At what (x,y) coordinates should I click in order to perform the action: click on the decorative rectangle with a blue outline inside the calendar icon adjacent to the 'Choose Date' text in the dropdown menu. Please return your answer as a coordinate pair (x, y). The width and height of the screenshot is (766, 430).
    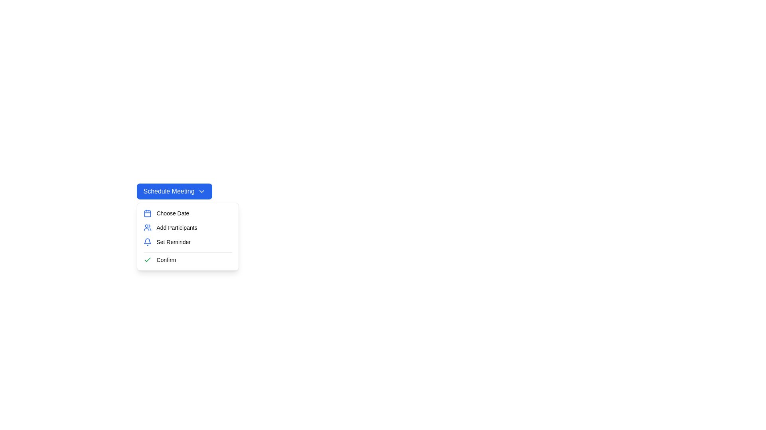
    Looking at the image, I should click on (148, 213).